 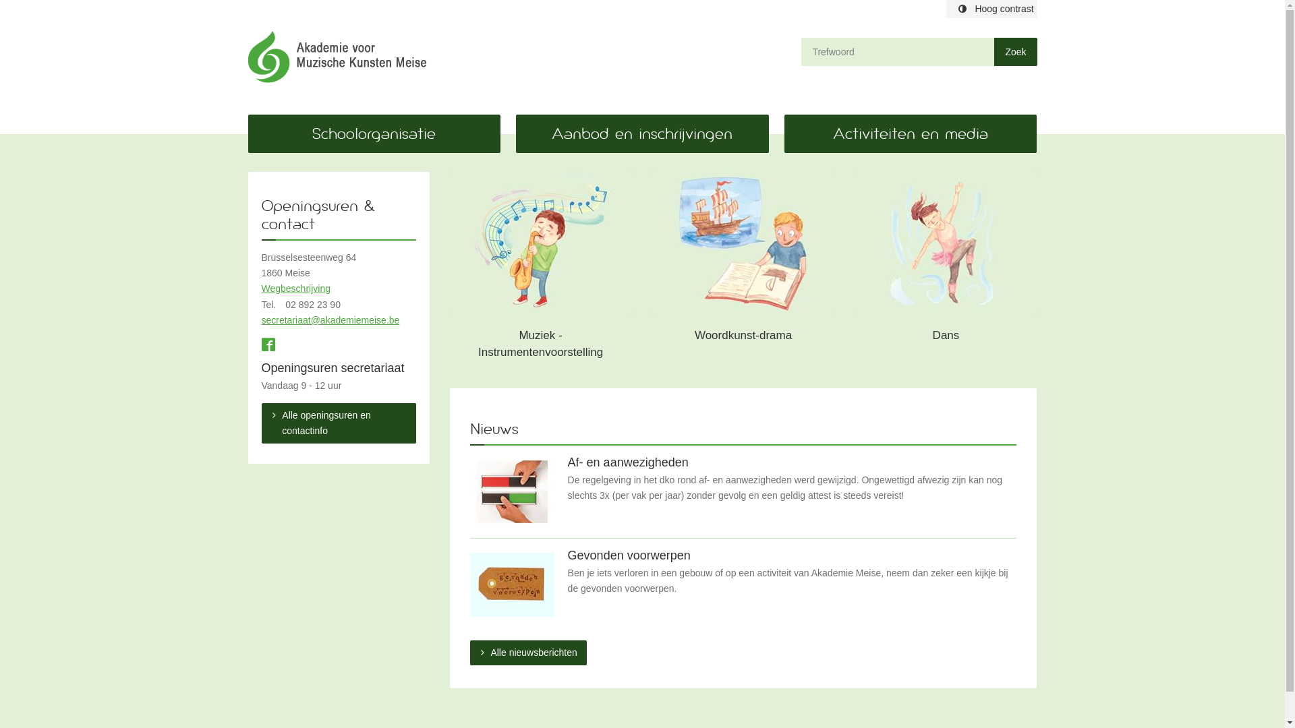 What do you see at coordinates (910, 133) in the screenshot?
I see `'Activiteiten en media'` at bounding box center [910, 133].